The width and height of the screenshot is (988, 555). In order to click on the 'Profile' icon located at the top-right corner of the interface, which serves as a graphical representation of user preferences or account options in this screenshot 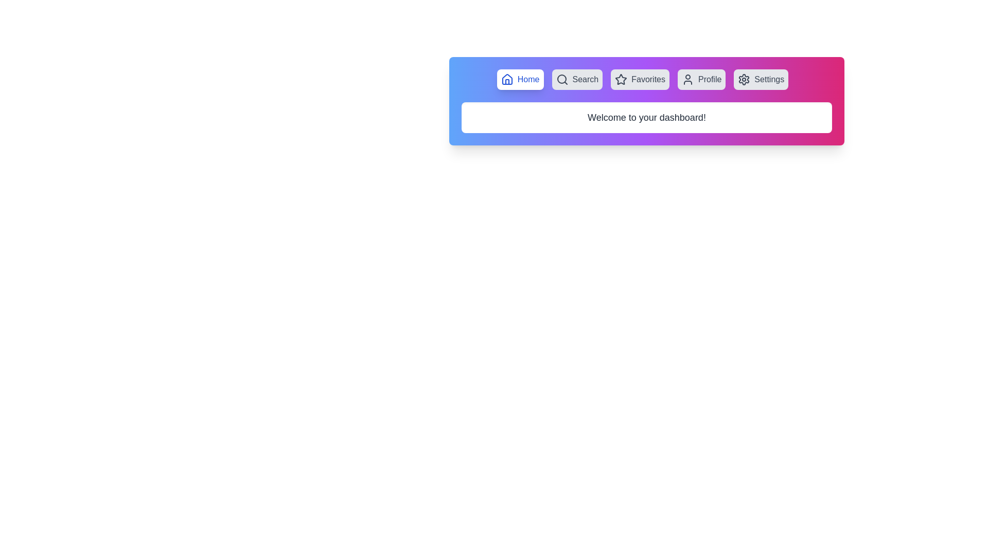, I will do `click(688, 79)`.